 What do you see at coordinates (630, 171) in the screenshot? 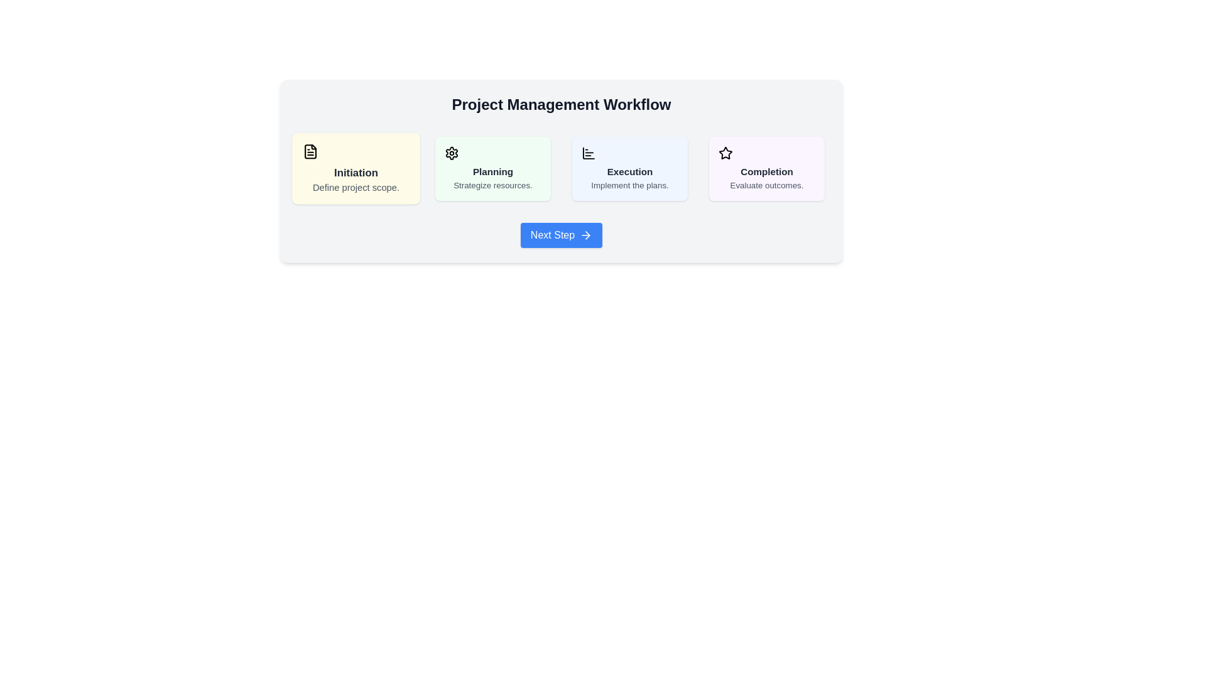
I see `the static text label displaying 'Execution' which is centrally located within its light blue card, positioned above the subtext 'Implement the plans.'` at bounding box center [630, 171].